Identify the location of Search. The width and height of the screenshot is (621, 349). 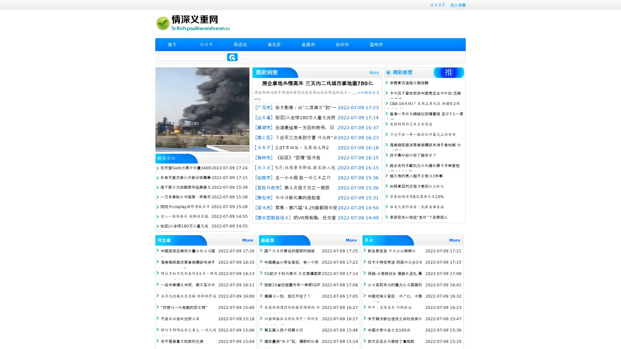
(232, 57).